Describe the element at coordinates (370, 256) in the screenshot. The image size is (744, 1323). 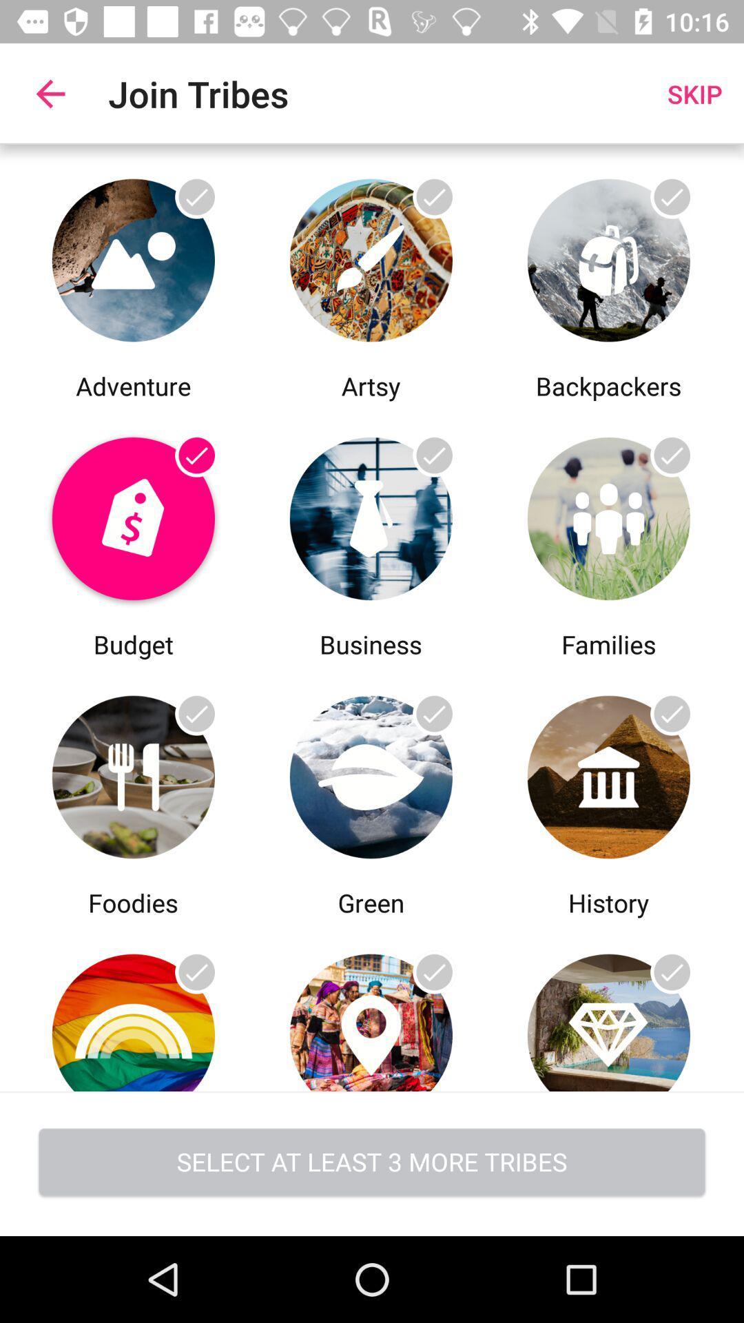
I see `click on the artsy option` at that location.